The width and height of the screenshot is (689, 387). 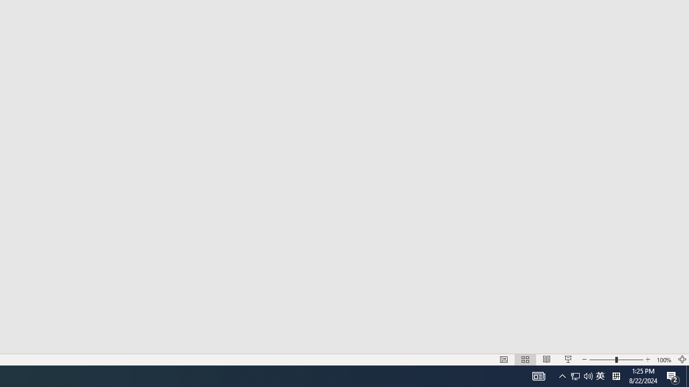 What do you see at coordinates (546, 360) in the screenshot?
I see `'Reading View'` at bounding box center [546, 360].